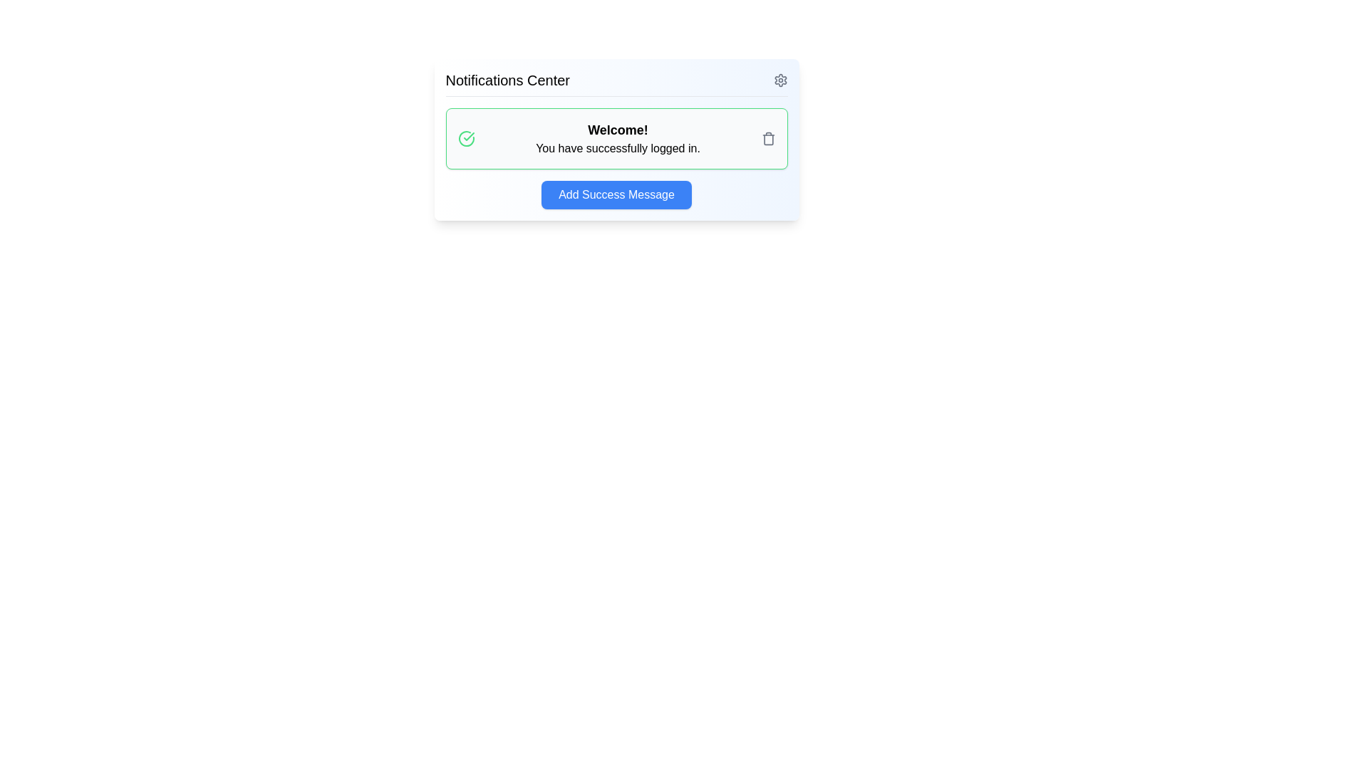 The image size is (1368, 769). I want to click on the blue button labeled 'Add Success Message' located at the bottom of the 'Notifications Center' card, so click(616, 194).